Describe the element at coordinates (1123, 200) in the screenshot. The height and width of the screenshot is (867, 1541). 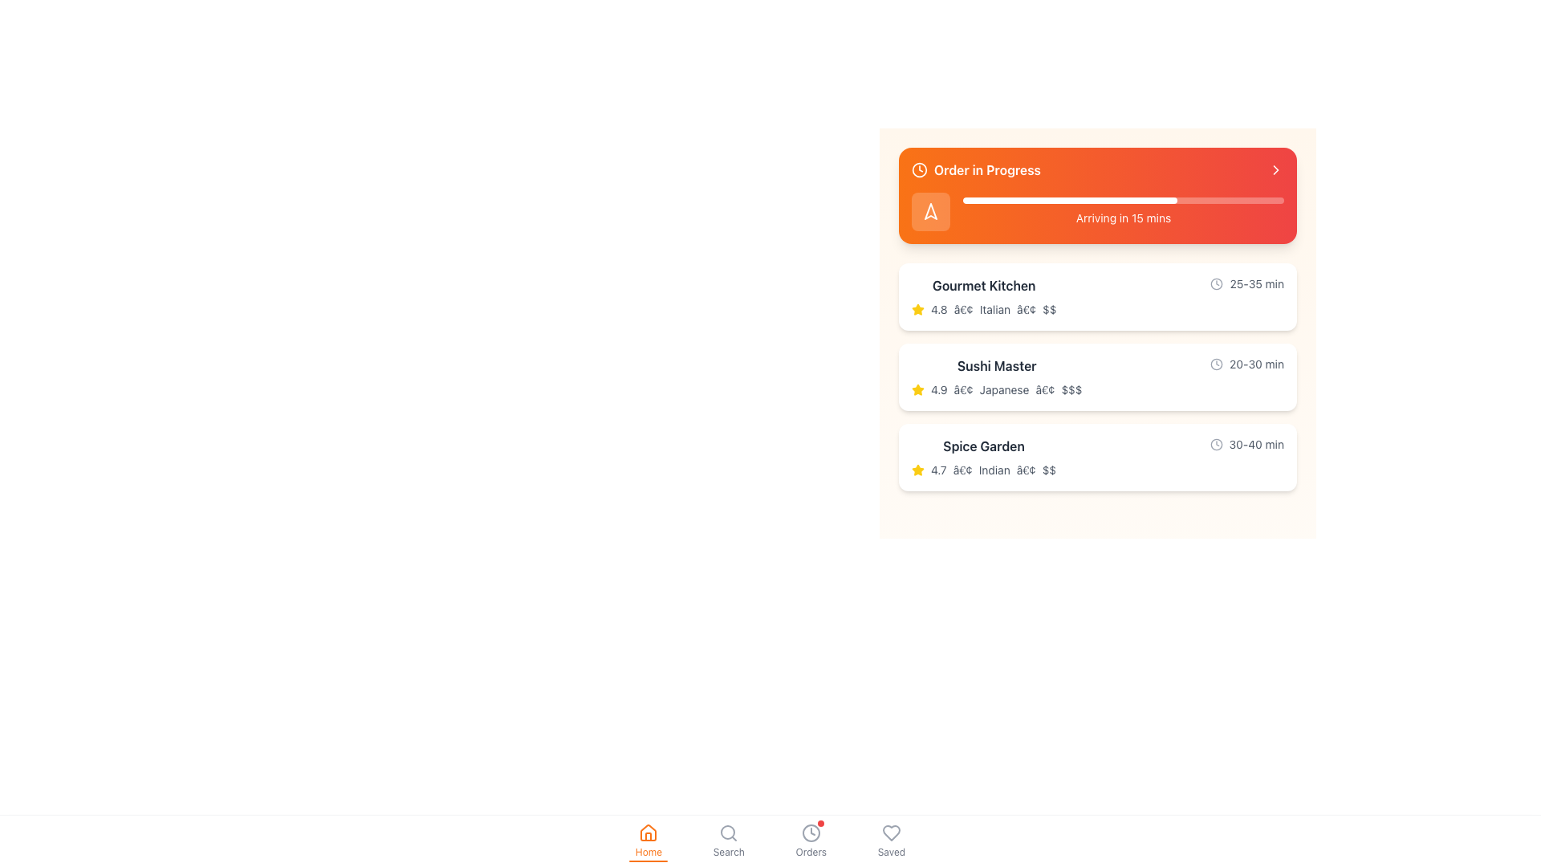
I see `the progress bar that visually represents the completion of an ongoing activity, located below the title in the 'Order in Progress' section` at that location.